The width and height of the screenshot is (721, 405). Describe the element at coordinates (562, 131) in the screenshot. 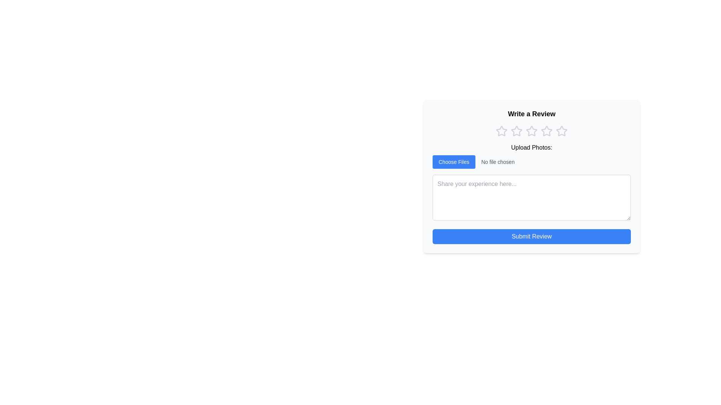

I see `the fifth gray star icon in the star rating widget` at that location.